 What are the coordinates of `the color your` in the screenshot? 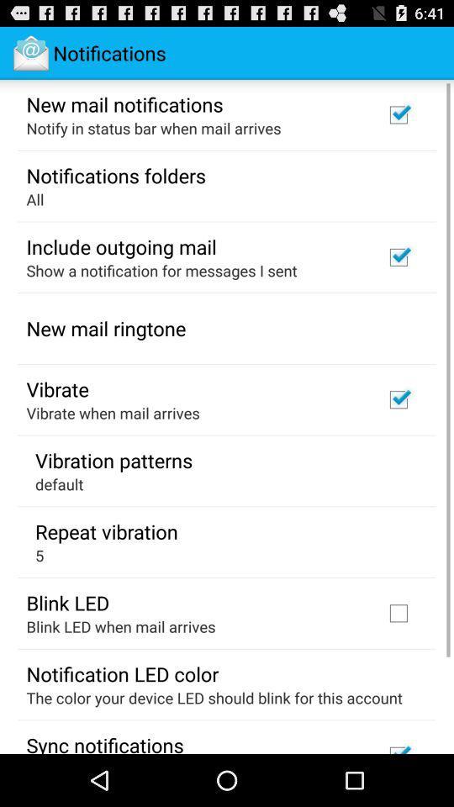 It's located at (214, 698).